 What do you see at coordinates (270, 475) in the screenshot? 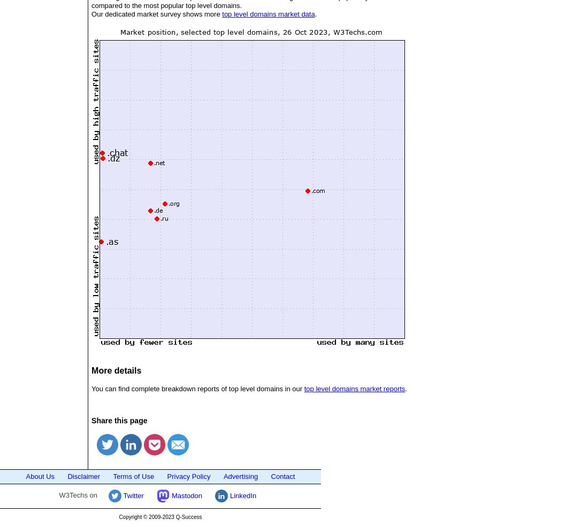
I see `'Contact'` at bounding box center [270, 475].